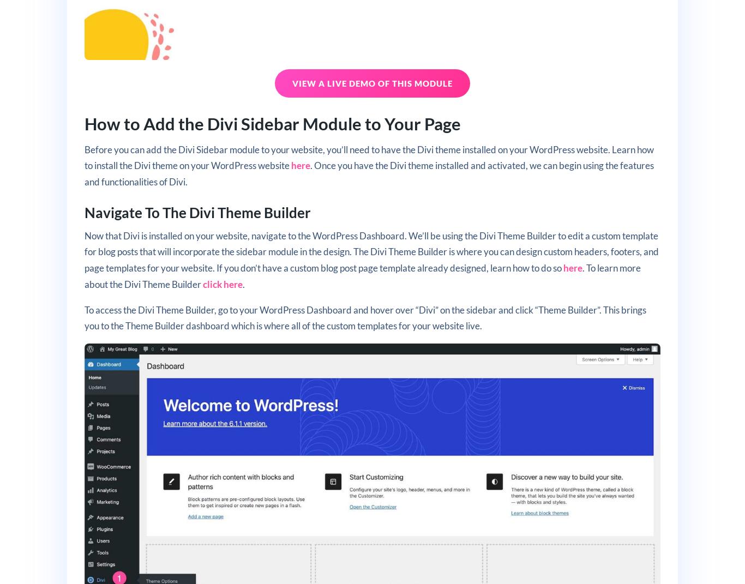  What do you see at coordinates (242, 283) in the screenshot?
I see `'.'` at bounding box center [242, 283].